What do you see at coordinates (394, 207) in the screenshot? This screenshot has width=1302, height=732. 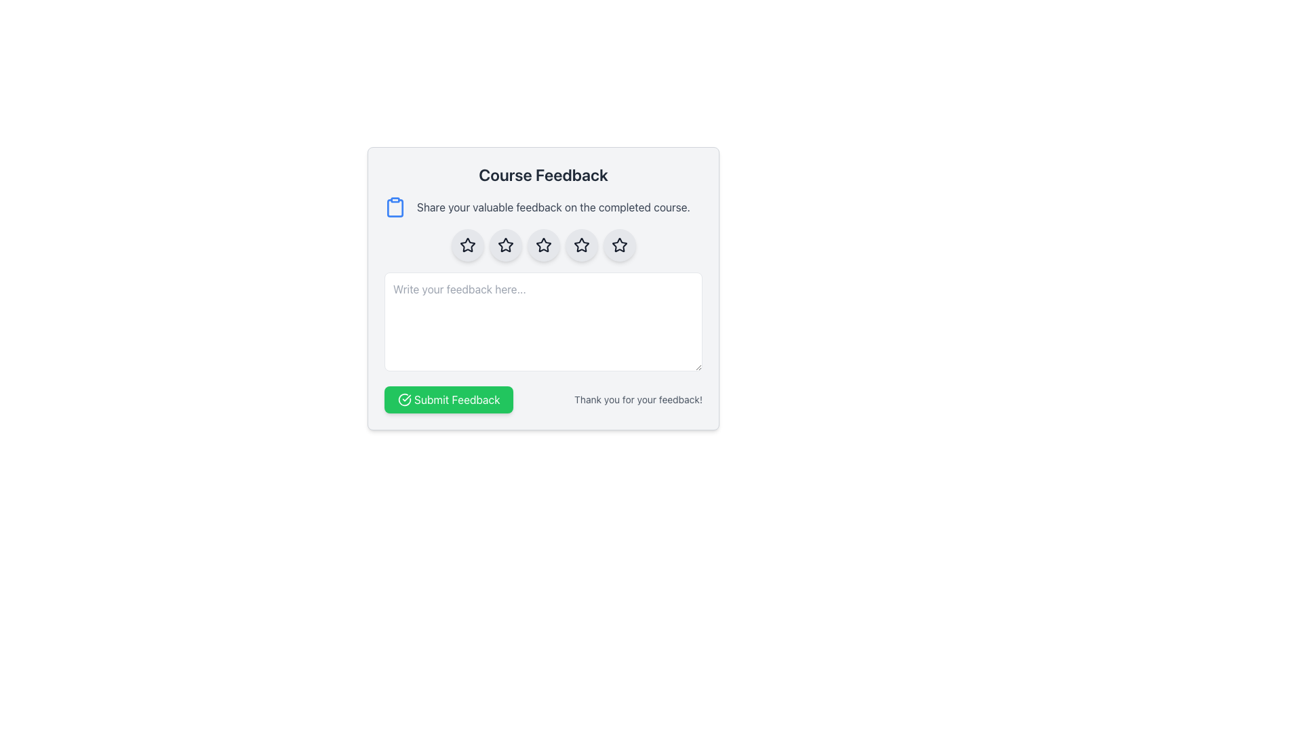 I see `the decorative feedback icon located to the left of the text 'Share your valuable feedback on the completed course.'` at bounding box center [394, 207].